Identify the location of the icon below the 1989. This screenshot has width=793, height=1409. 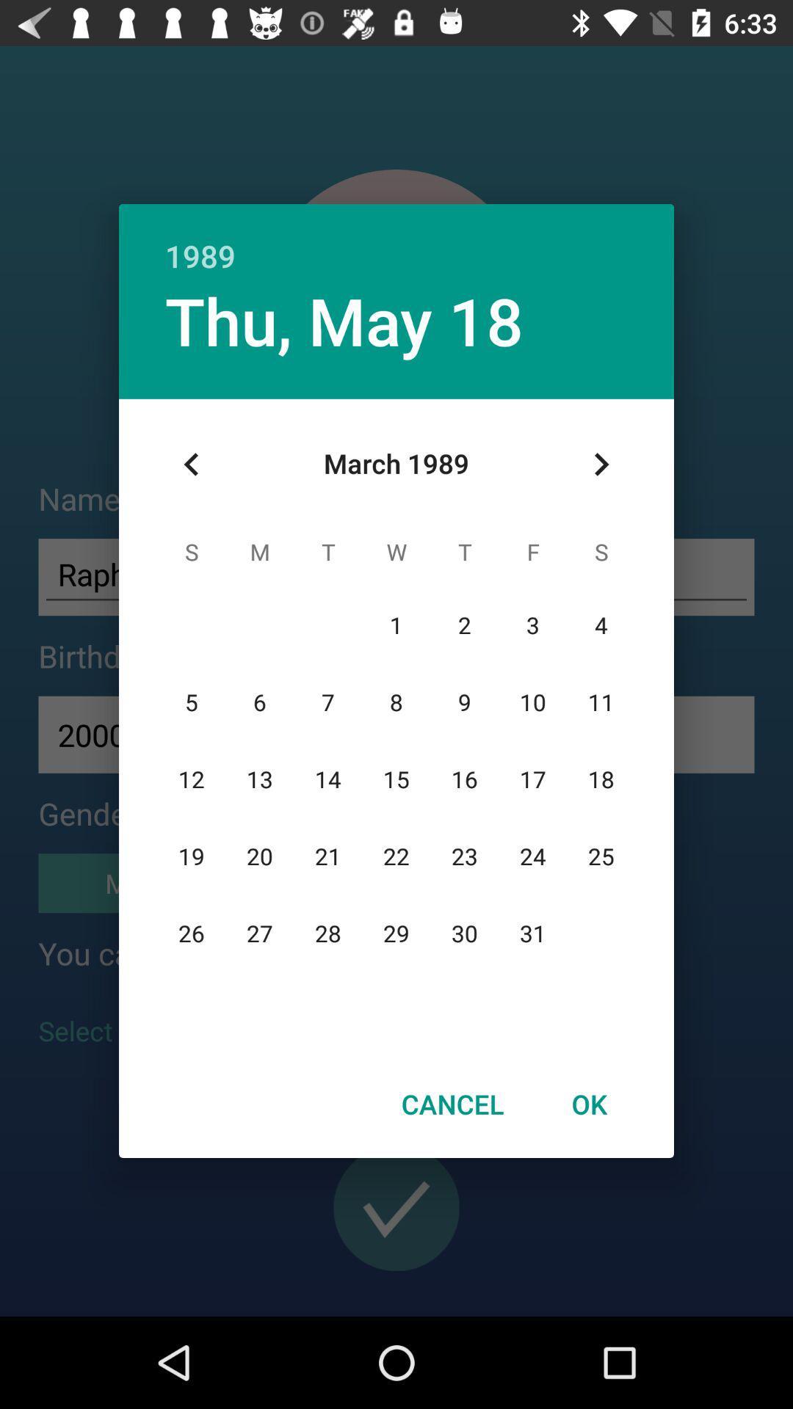
(601, 464).